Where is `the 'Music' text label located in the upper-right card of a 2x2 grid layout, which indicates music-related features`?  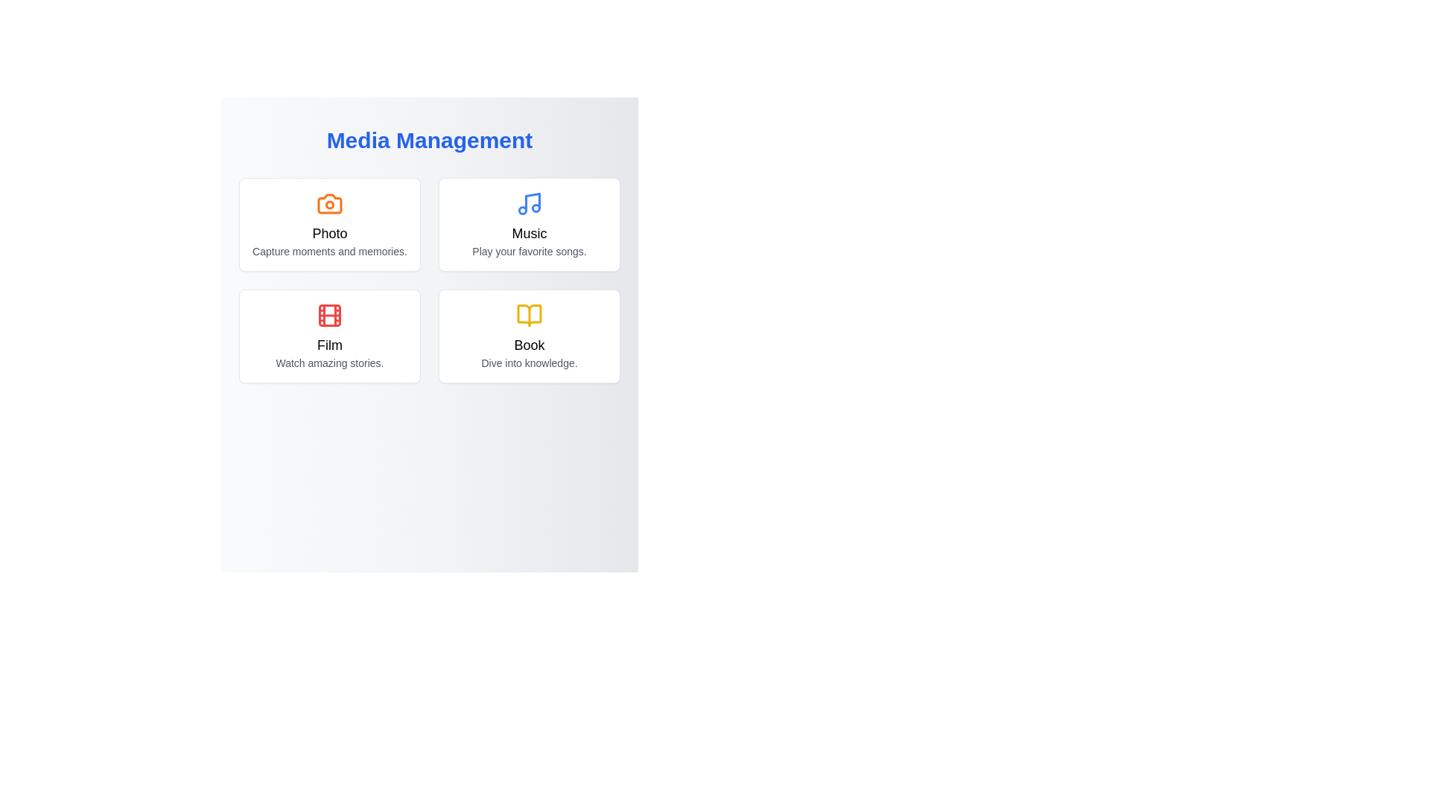
the 'Music' text label located in the upper-right card of a 2x2 grid layout, which indicates music-related features is located at coordinates (529, 233).